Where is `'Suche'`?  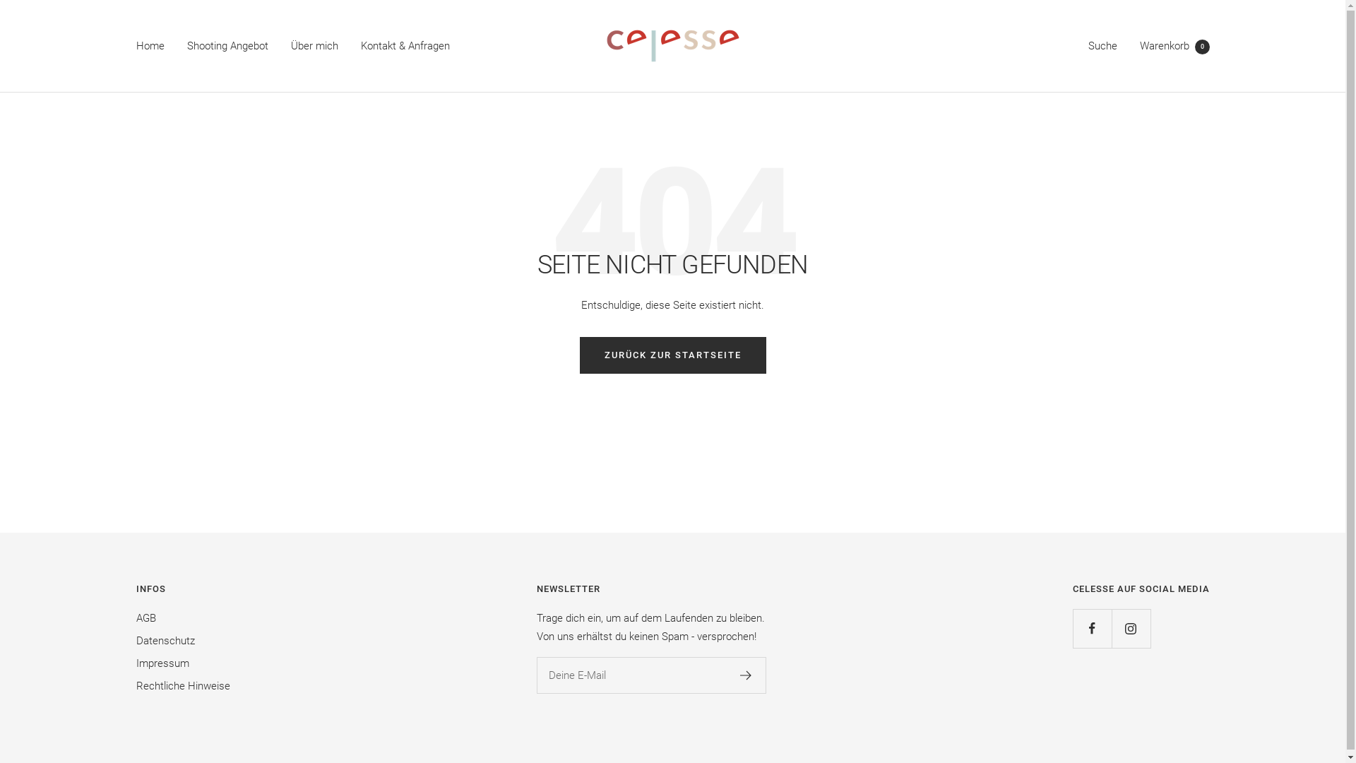 'Suche' is located at coordinates (1101, 45).